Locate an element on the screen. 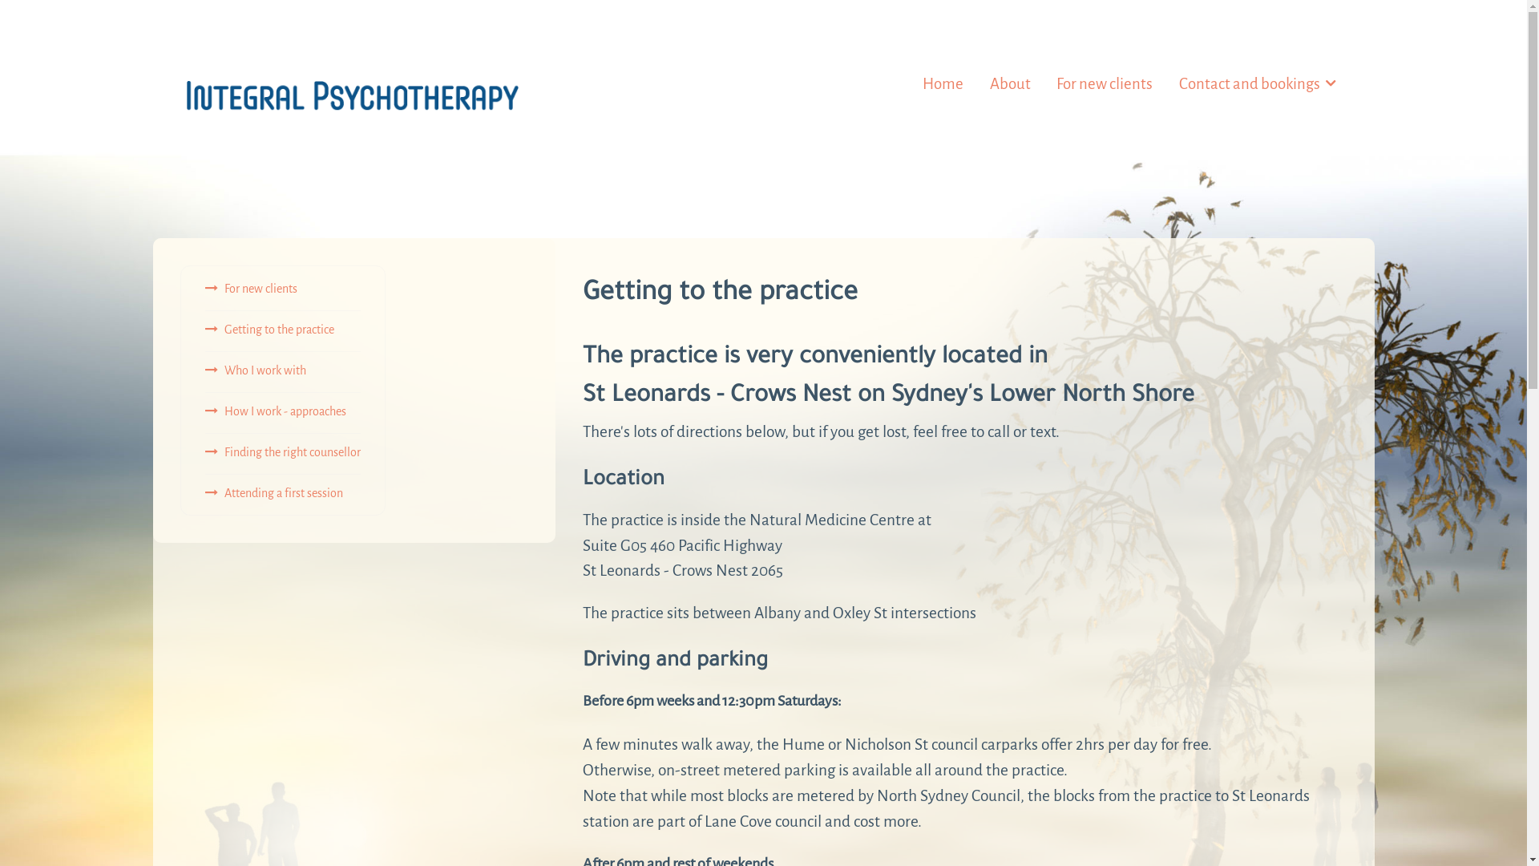 The image size is (1539, 866). 'Contact and bookings' is located at coordinates (1256, 83).